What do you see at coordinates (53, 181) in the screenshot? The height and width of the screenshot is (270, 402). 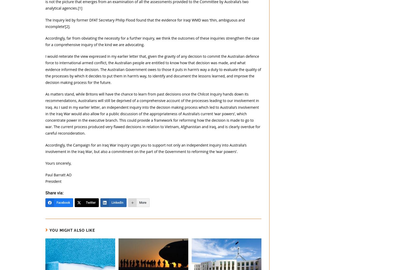 I see `'President'` at bounding box center [53, 181].